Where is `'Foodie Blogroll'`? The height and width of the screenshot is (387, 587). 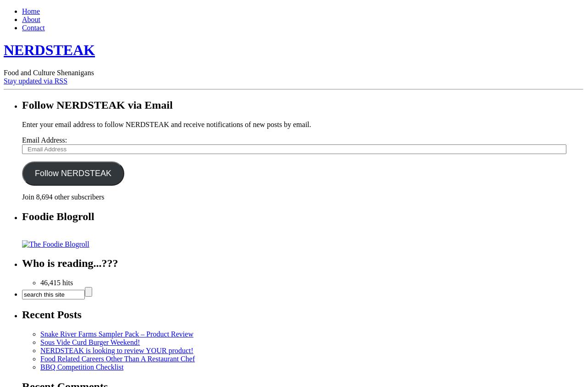
'Foodie Blogroll' is located at coordinates (22, 216).